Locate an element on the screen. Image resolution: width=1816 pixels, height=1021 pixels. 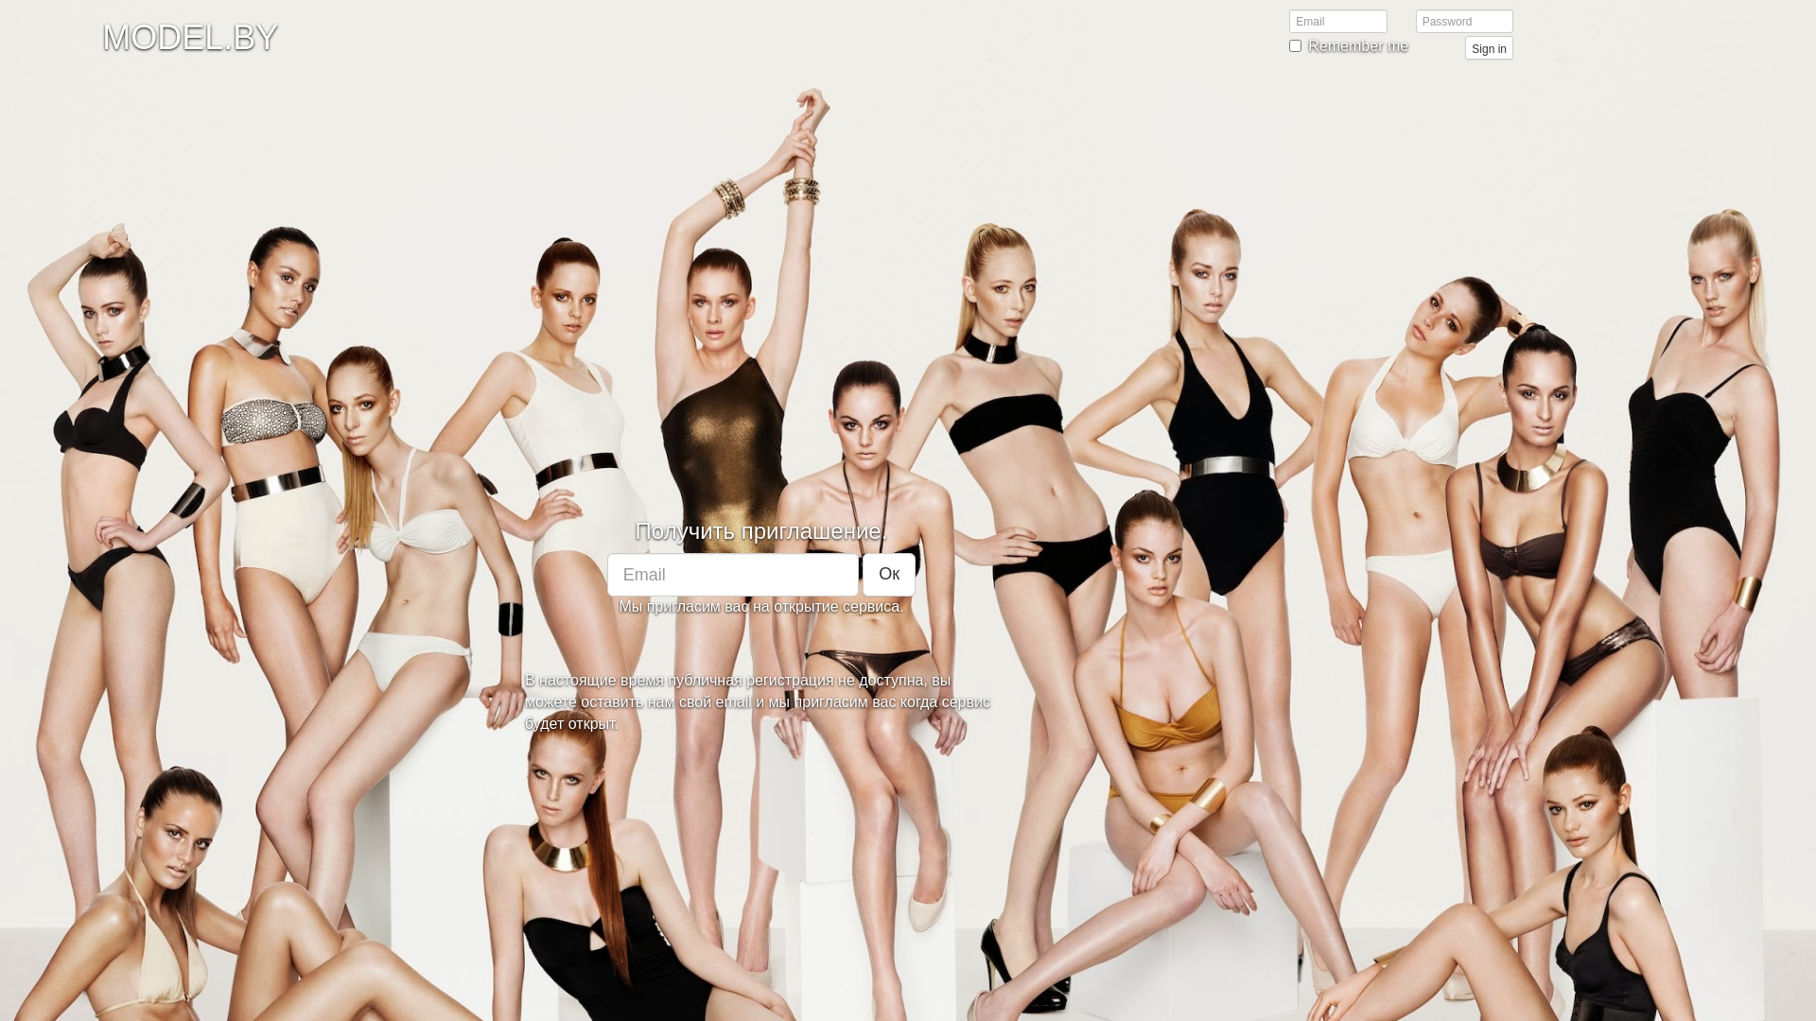
'Sign in' is located at coordinates (1488, 46).